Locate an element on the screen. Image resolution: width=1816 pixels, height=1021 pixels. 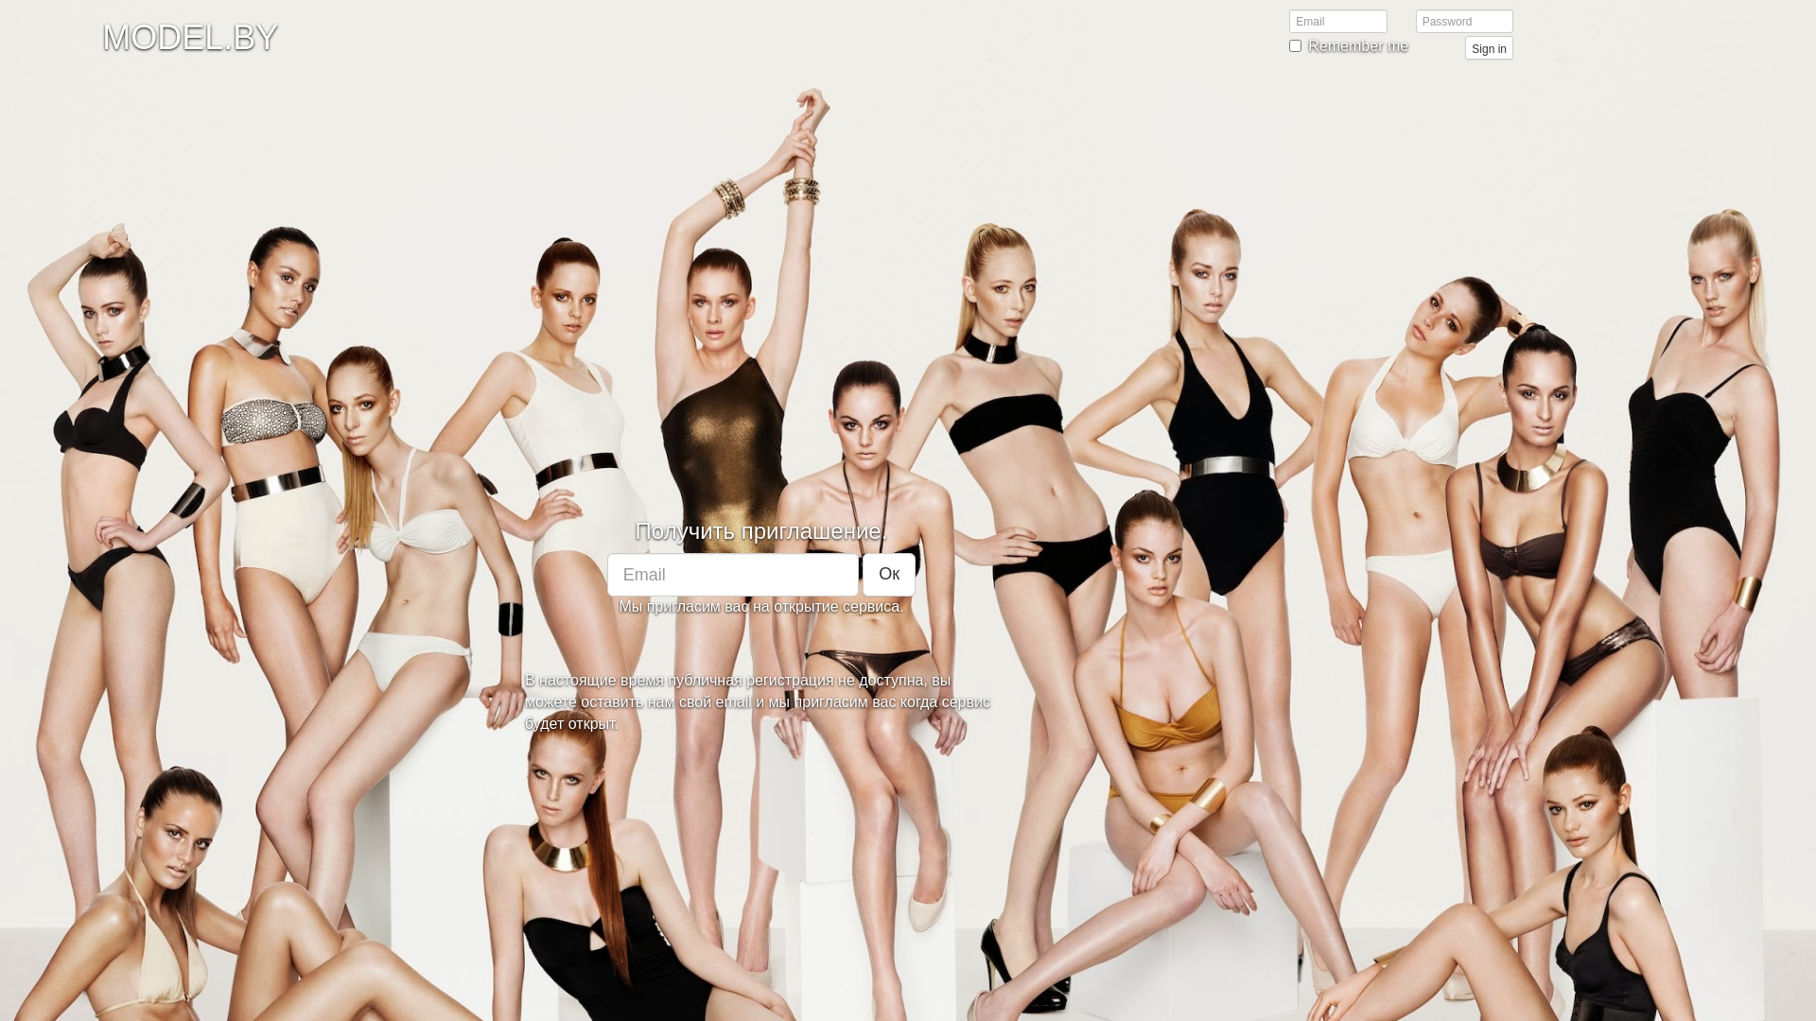
'Sign in' is located at coordinates (1488, 46).